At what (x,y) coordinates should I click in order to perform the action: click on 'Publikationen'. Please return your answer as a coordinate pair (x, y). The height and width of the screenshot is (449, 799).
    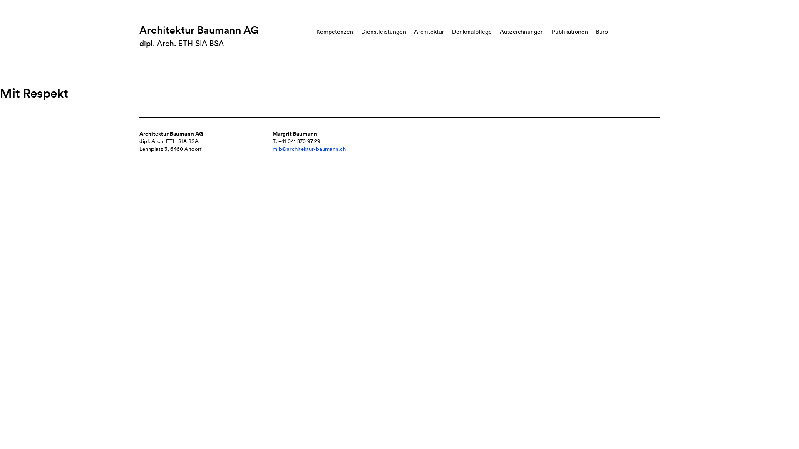
    Looking at the image, I should click on (569, 31).